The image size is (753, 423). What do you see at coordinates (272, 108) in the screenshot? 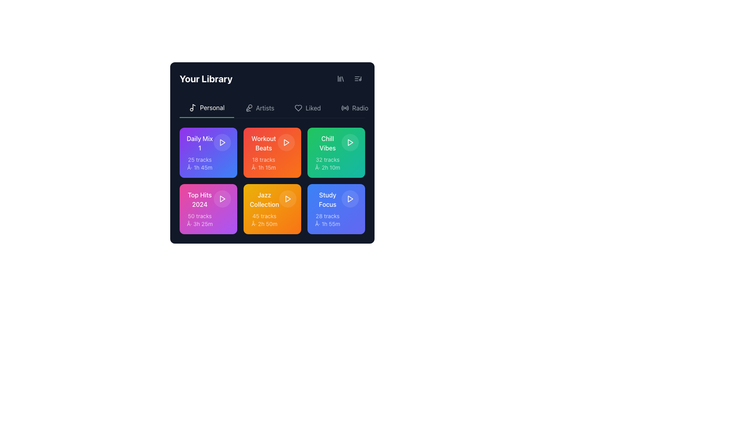
I see `the 'Artists' tab button, which features gray text that turns white on hover and includes a microphone icon on the left. It is the second tab in the navigation row below 'Your Library.'` at bounding box center [272, 108].